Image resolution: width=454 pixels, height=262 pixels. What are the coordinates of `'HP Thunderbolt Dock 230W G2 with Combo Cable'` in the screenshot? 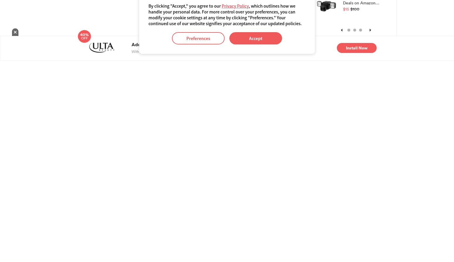 It's located at (87, 18).